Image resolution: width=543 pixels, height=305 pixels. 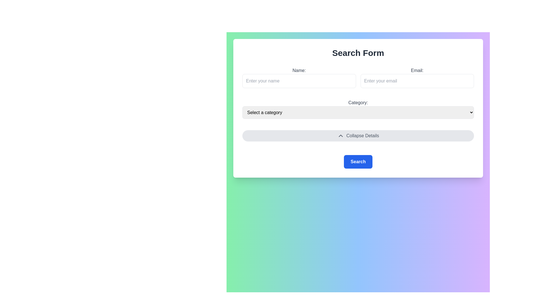 I want to click on the input fields within the grid layout labeled 'Name:' and 'Email:' by clicking on them to adjust their values, so click(x=358, y=77).